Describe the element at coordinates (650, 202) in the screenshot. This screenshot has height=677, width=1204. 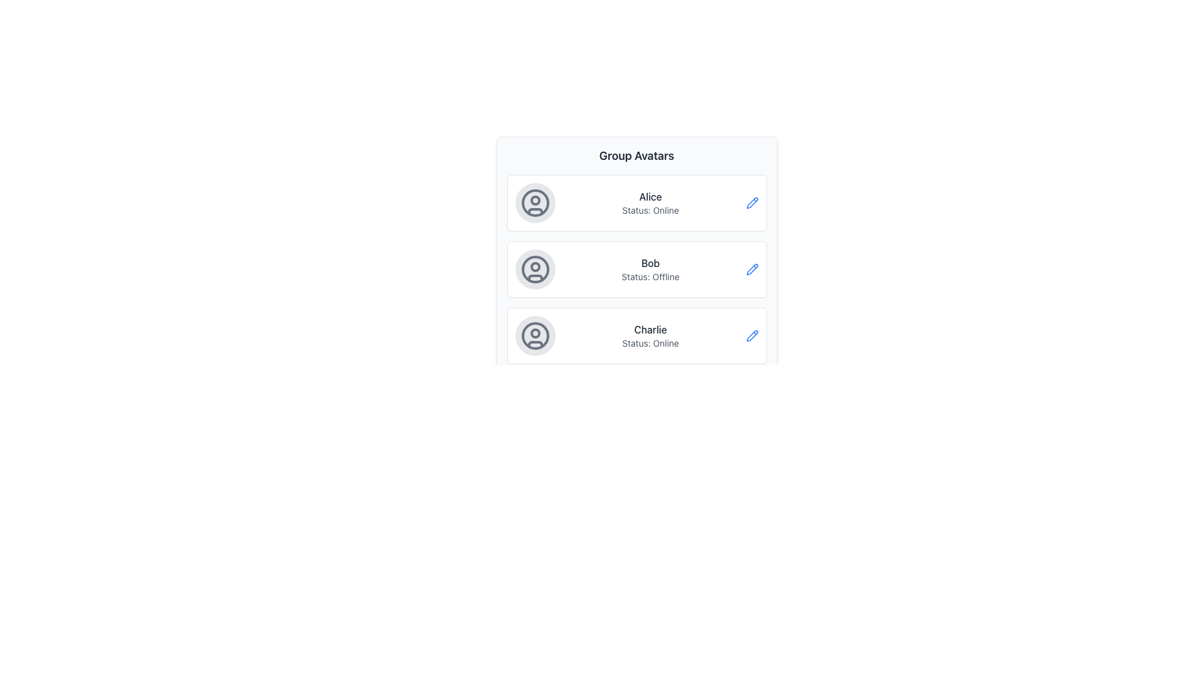
I see `the text display element that shows the user named 'Alice' with the status 'Online', located in the first section of the vertically stacked list, adjacent to the avatar and pencil icon` at that location.